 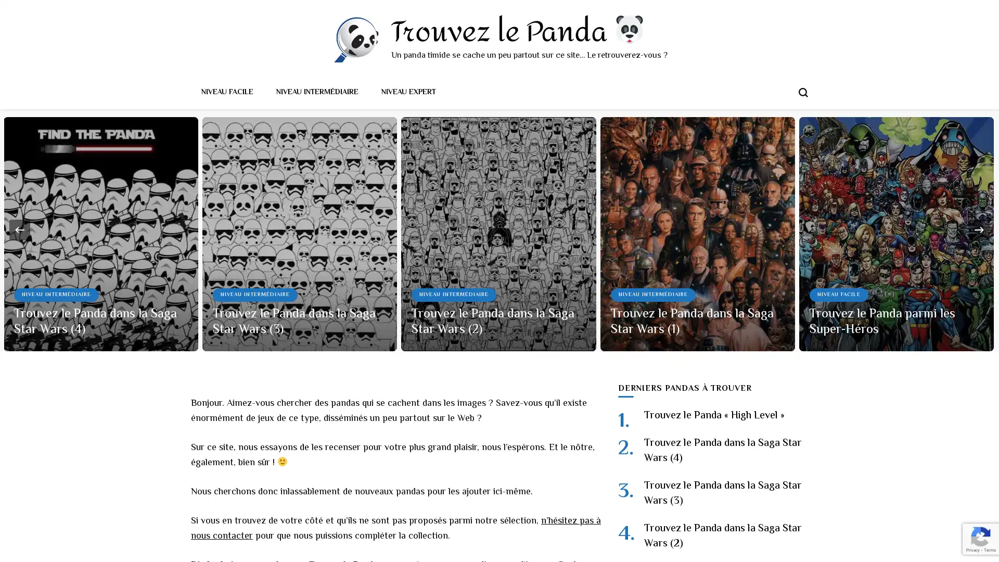 I want to click on Basculer sur formulaire de recherche, so click(x=803, y=92).